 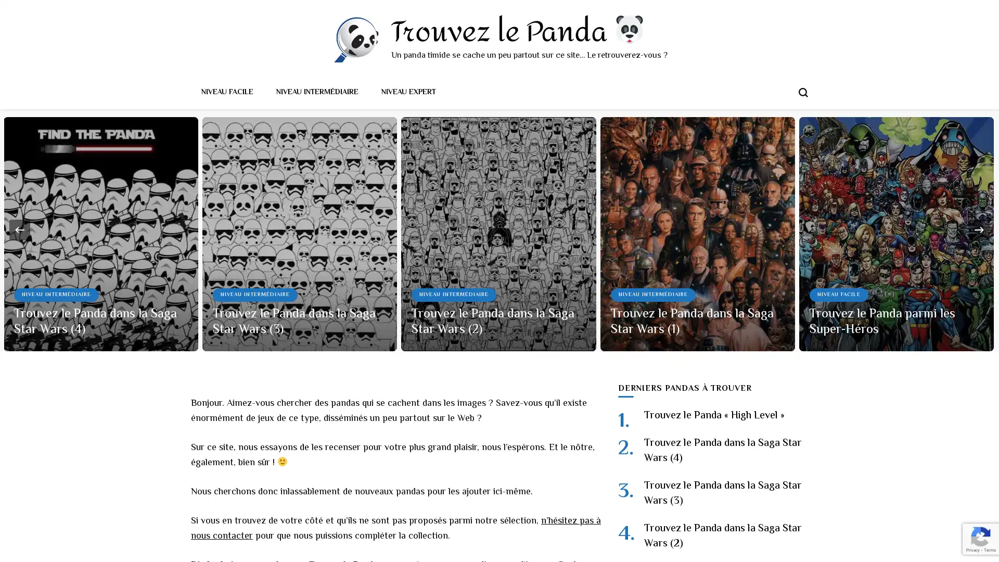 I want to click on Basculer sur formulaire de recherche, so click(x=803, y=92).